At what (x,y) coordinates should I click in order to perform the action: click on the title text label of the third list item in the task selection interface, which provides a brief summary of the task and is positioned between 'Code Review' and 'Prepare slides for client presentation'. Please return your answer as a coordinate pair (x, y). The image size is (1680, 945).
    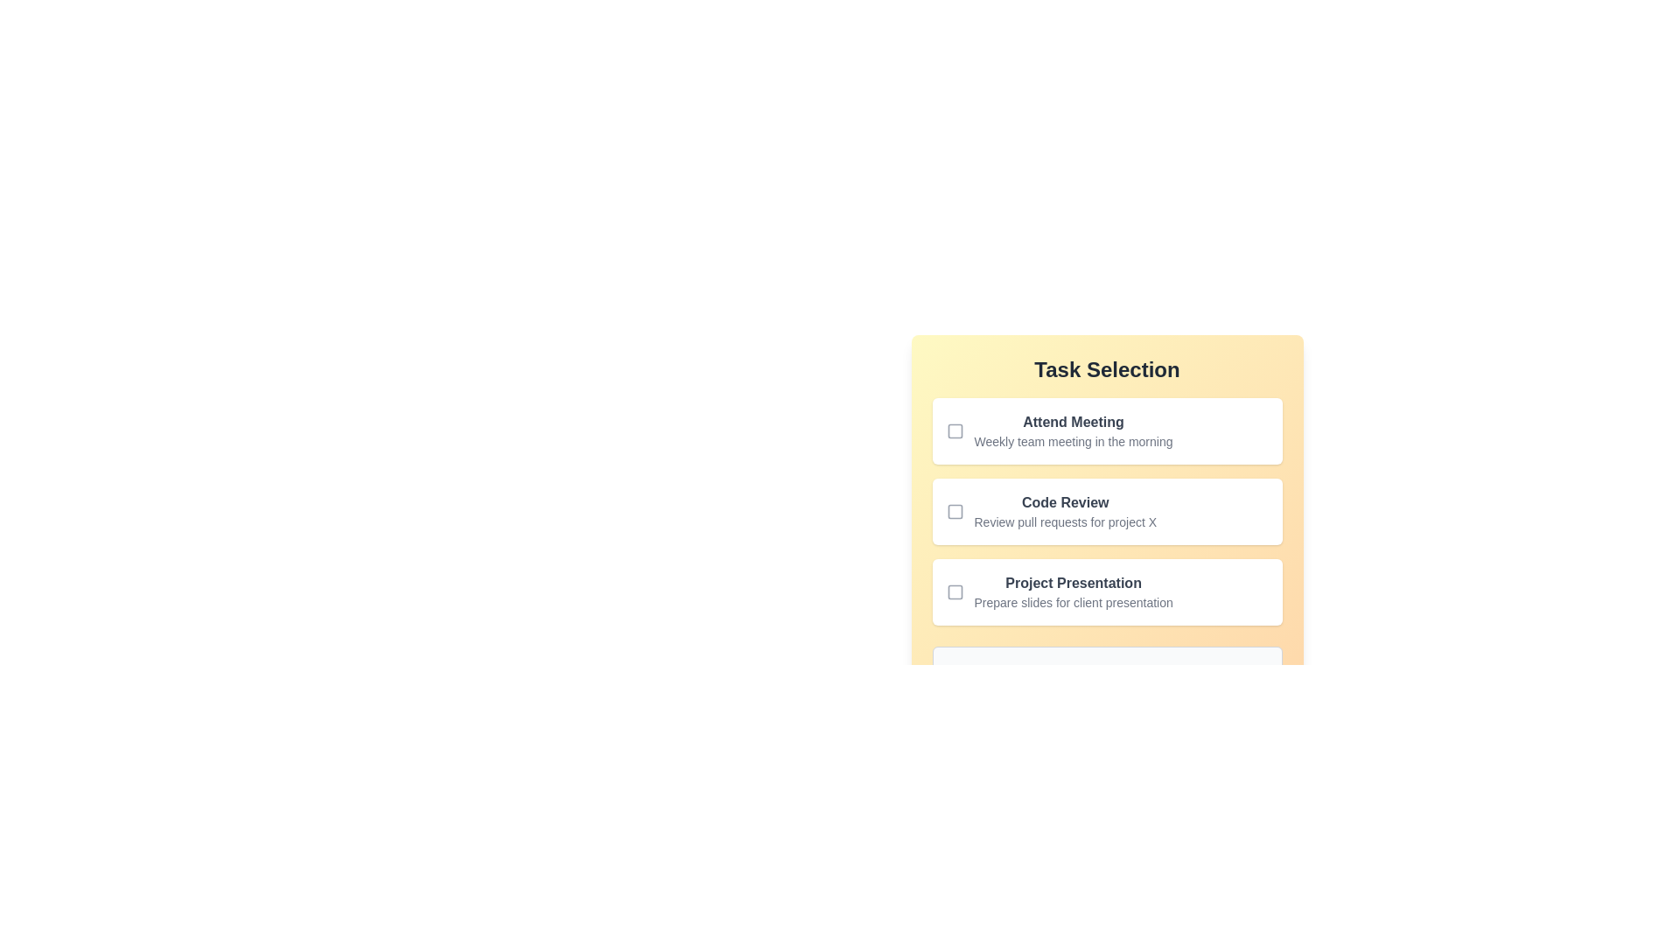
    Looking at the image, I should click on (1073, 584).